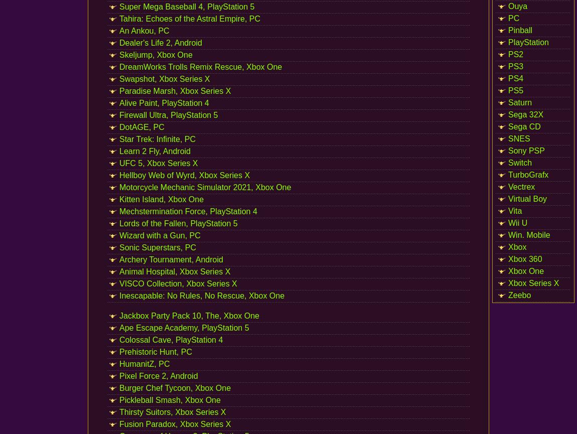 The height and width of the screenshot is (434, 577). I want to click on 'Virtual Boy', so click(527, 199).